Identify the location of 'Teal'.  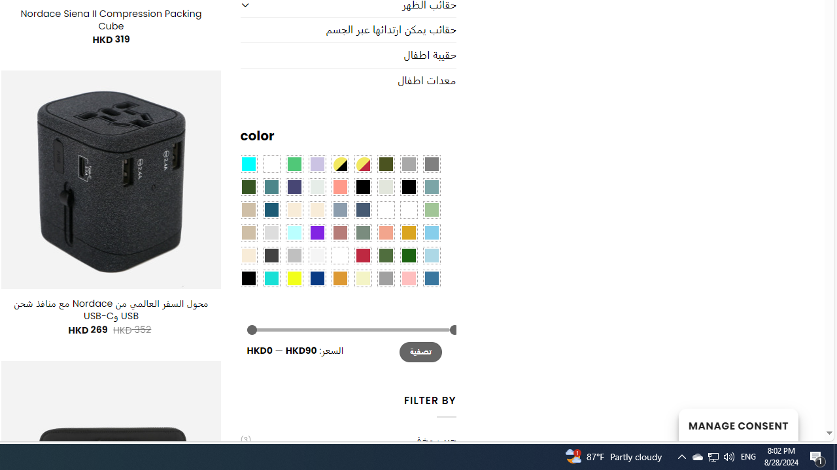
(270, 186).